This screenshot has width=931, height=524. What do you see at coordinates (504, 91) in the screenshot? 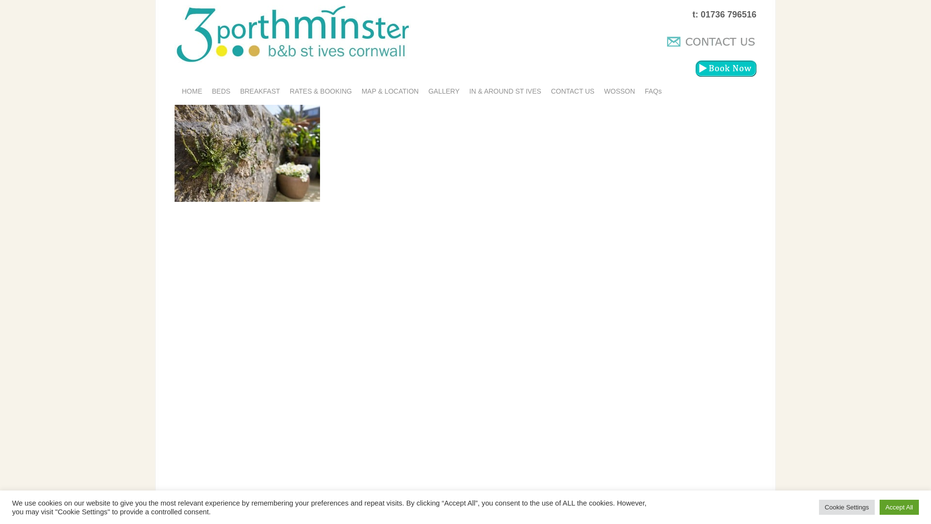
I see `'IN & AROUND ST IVES'` at bounding box center [504, 91].